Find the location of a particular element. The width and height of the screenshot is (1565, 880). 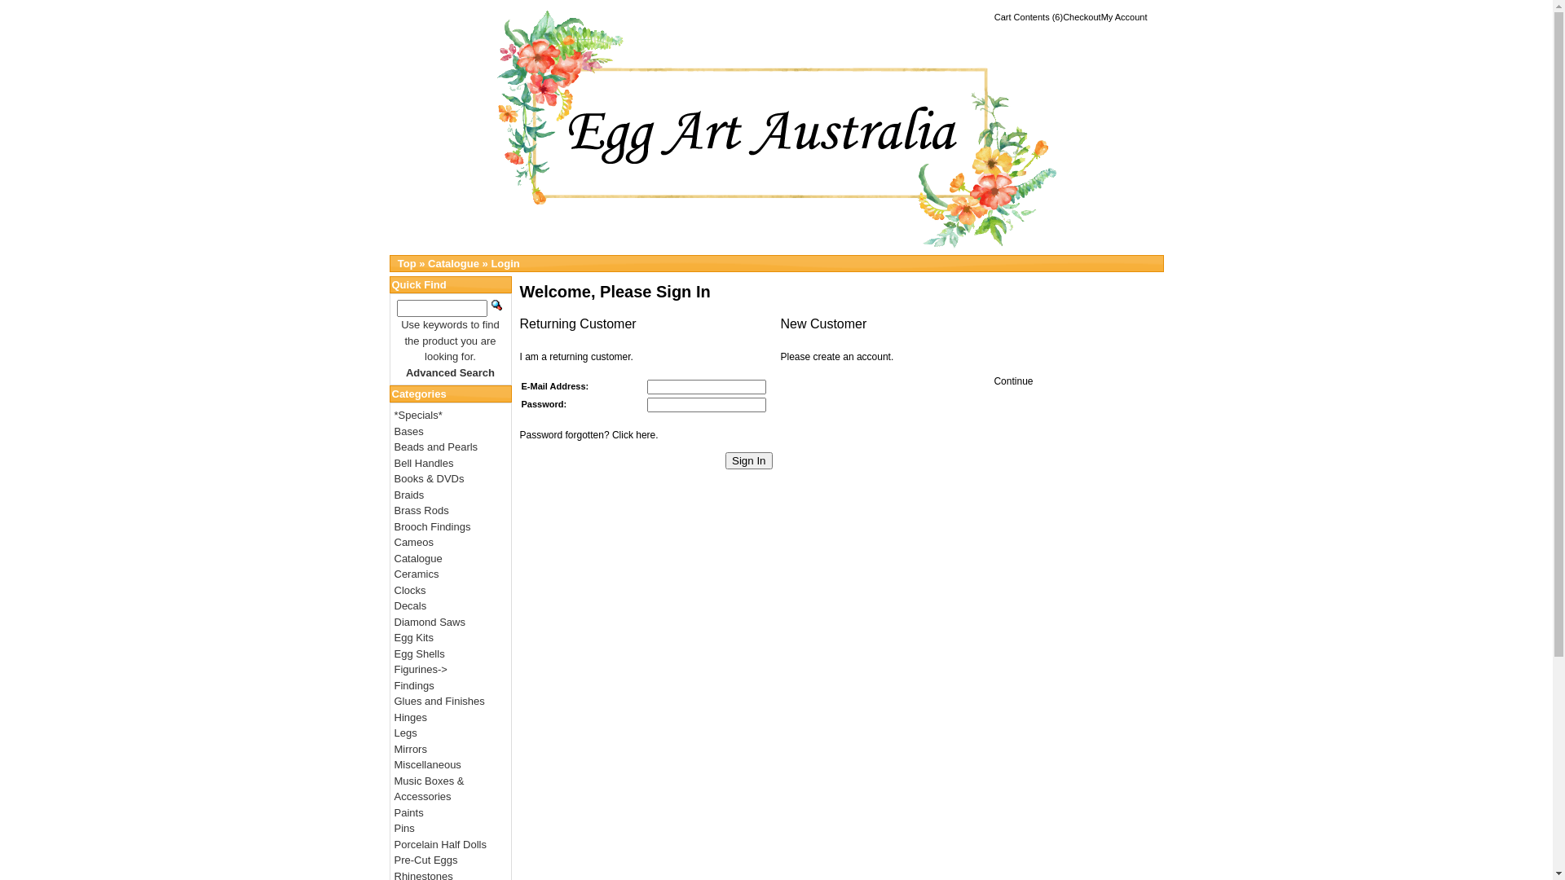

'Books & DVDs' is located at coordinates (430, 477).